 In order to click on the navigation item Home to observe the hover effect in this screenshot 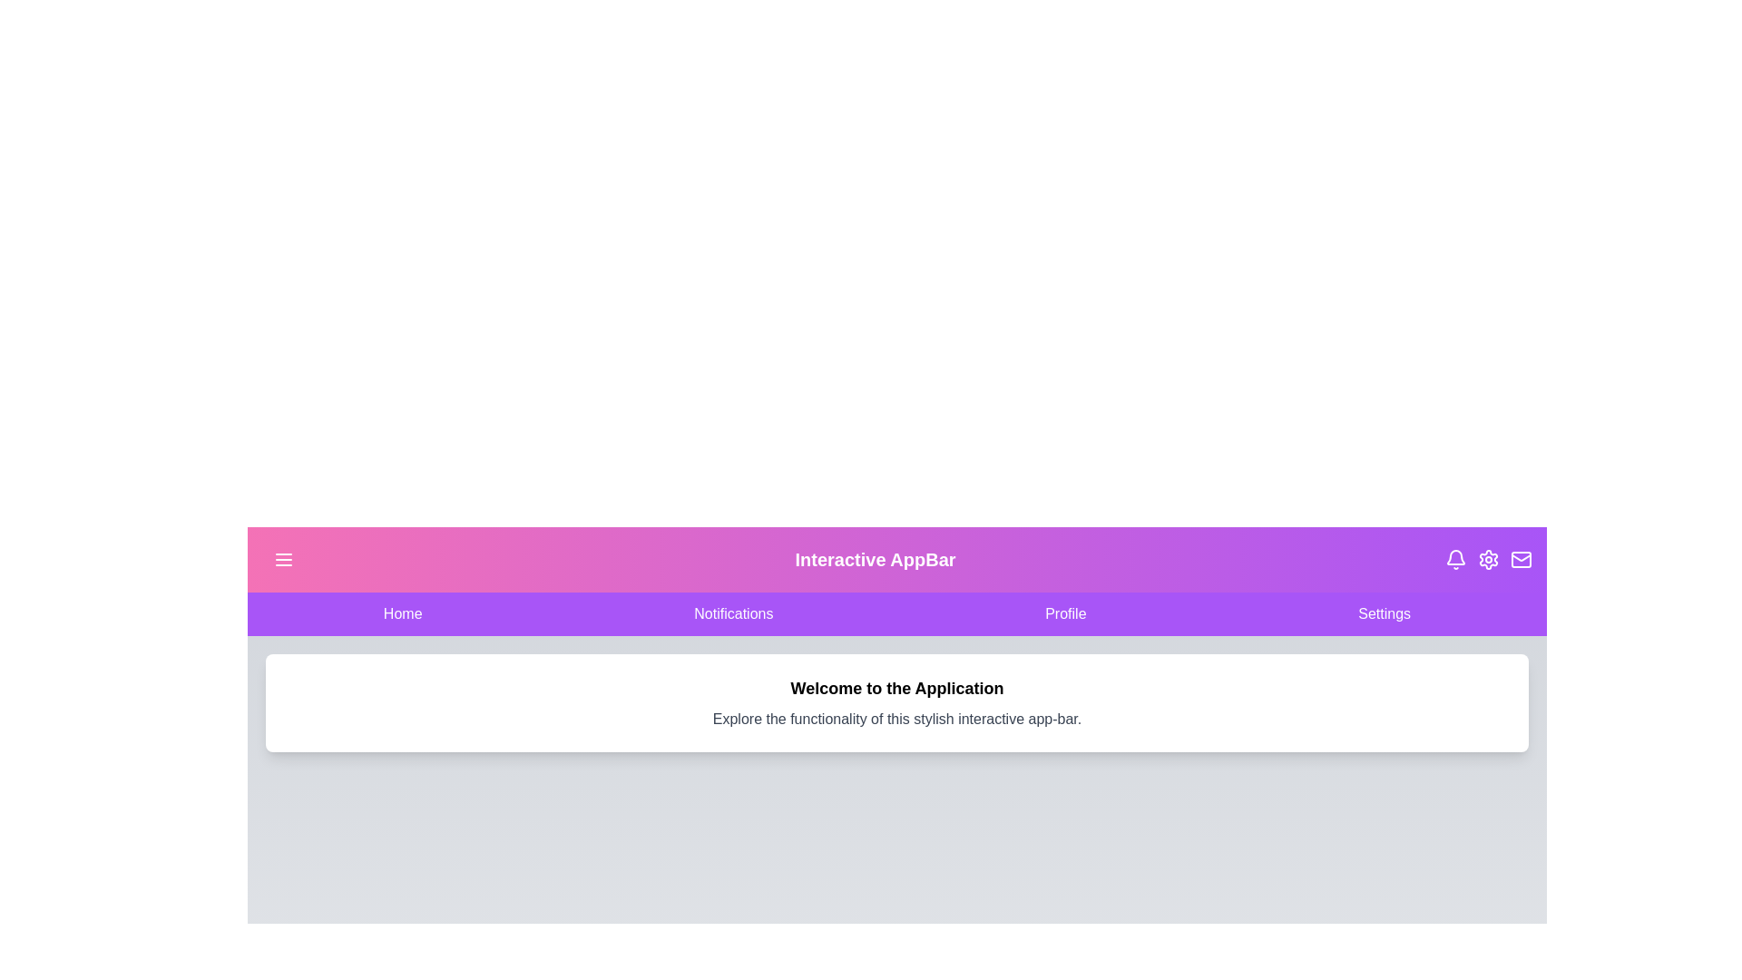, I will do `click(402, 613)`.